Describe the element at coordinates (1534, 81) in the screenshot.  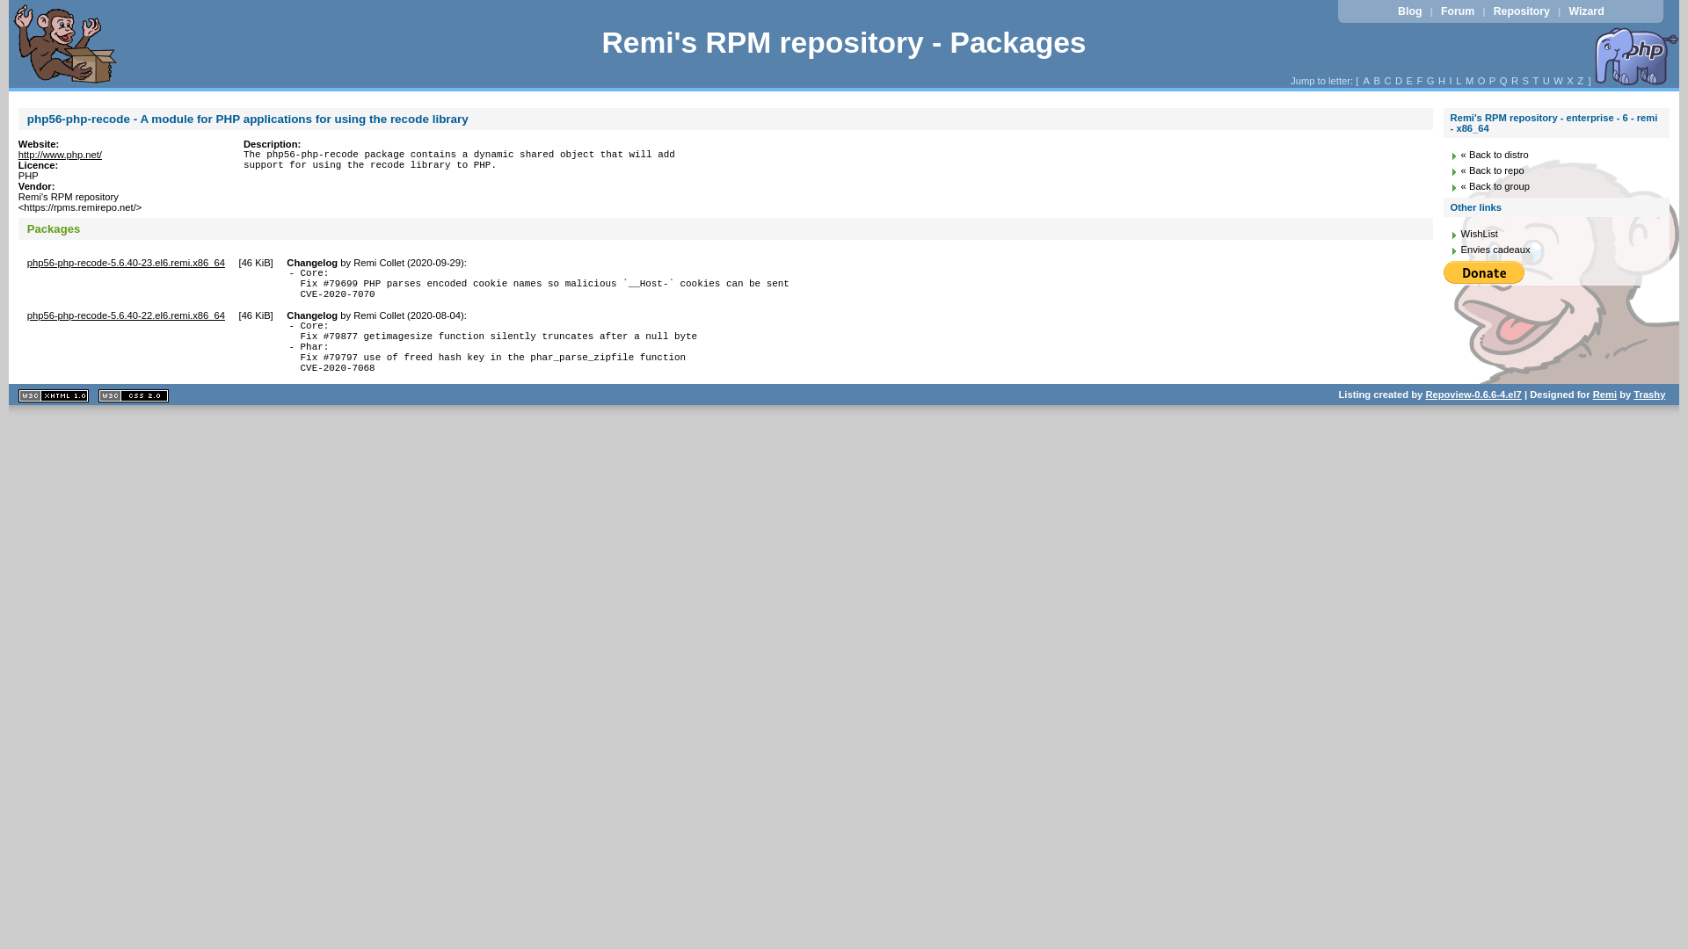
I see `'T'` at that location.